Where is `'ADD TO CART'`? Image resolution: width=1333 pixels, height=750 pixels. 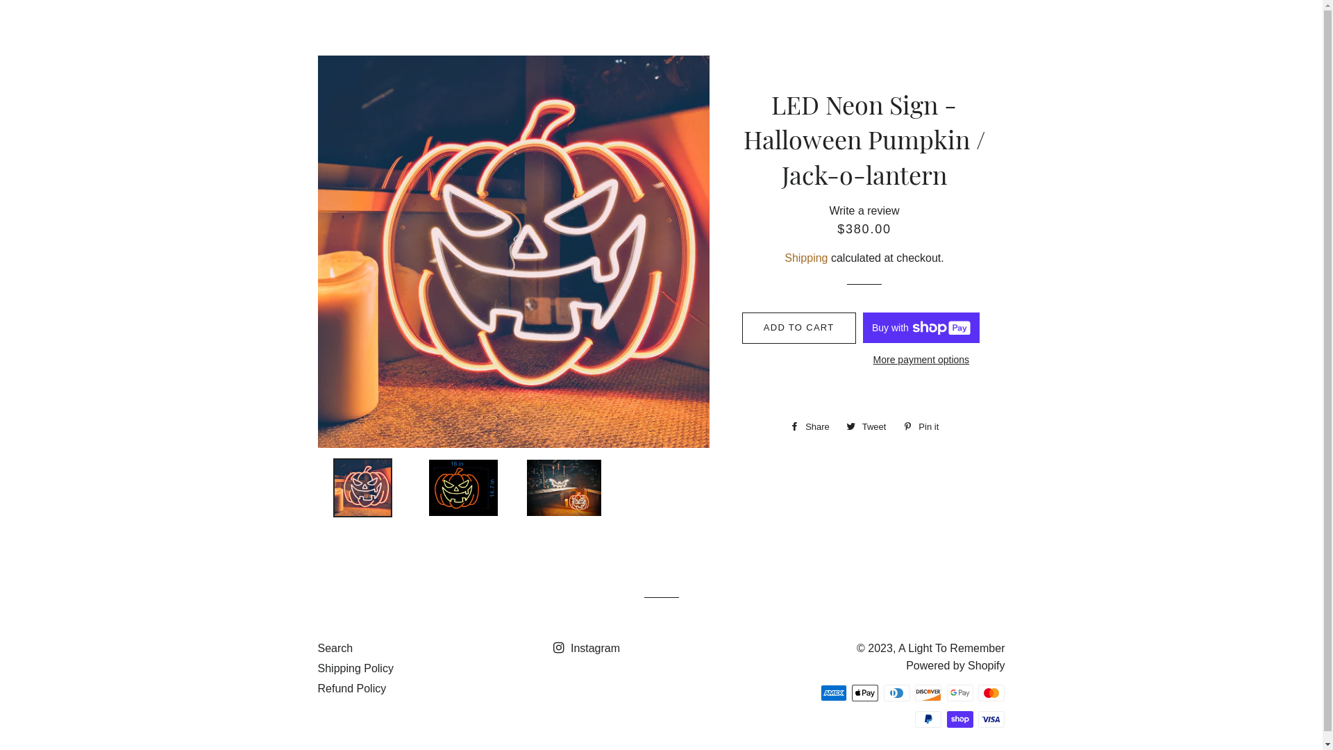
'ADD TO CART' is located at coordinates (799, 327).